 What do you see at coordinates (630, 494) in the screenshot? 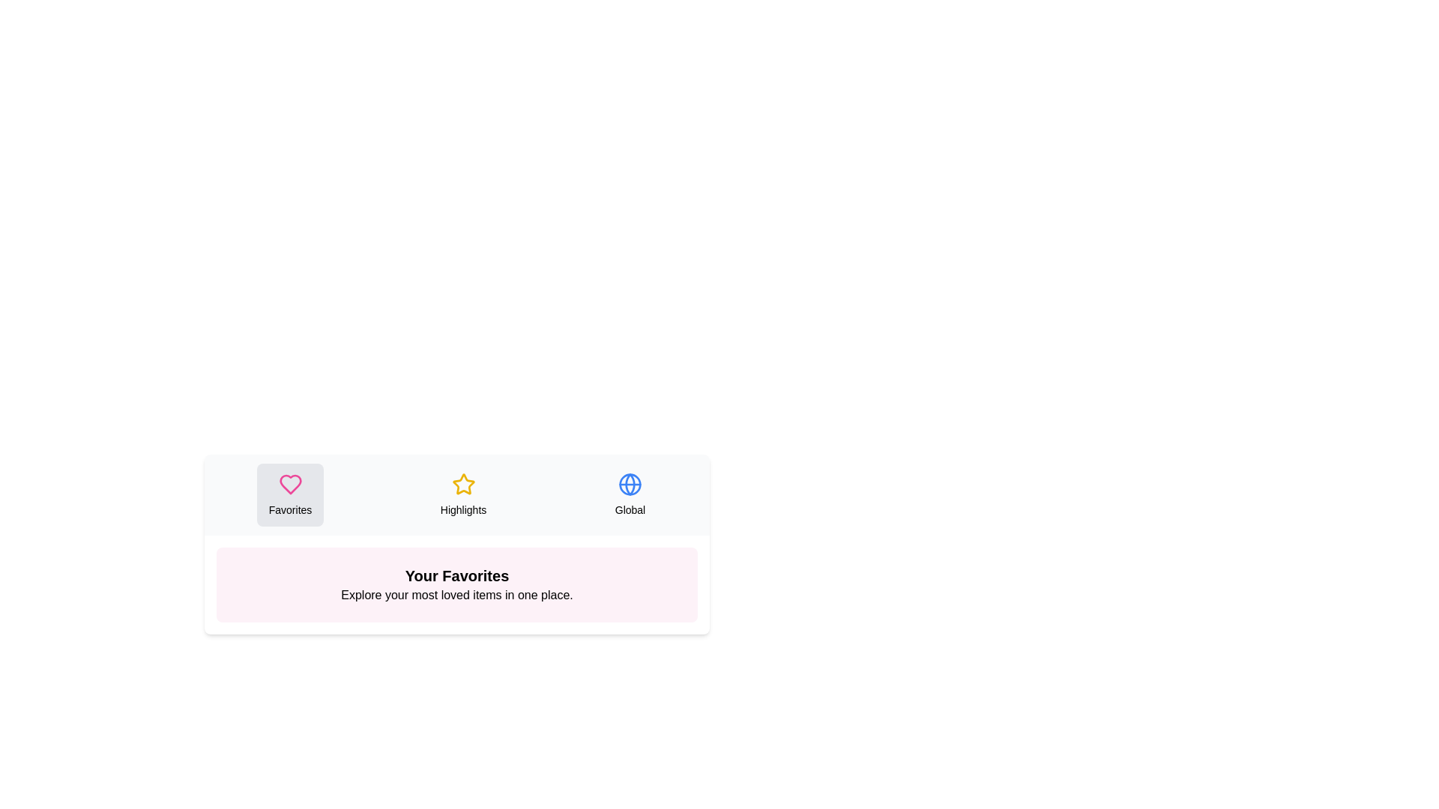
I see `the Global tab to see its hover effect` at bounding box center [630, 494].